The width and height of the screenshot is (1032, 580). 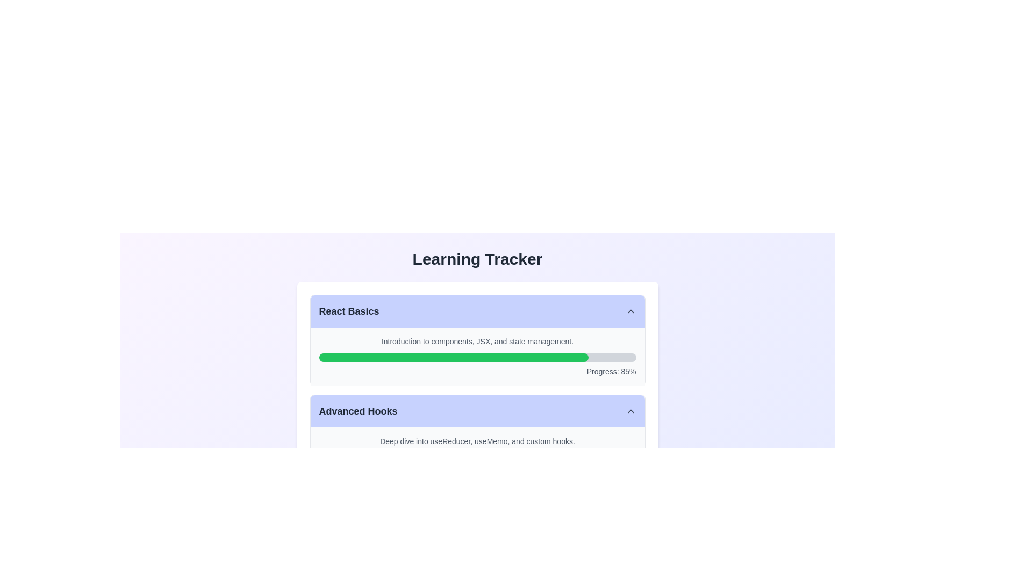 What do you see at coordinates (477, 441) in the screenshot?
I see `the text element providing a summary of the 'Advanced Hooks' module, located above the progress bar` at bounding box center [477, 441].